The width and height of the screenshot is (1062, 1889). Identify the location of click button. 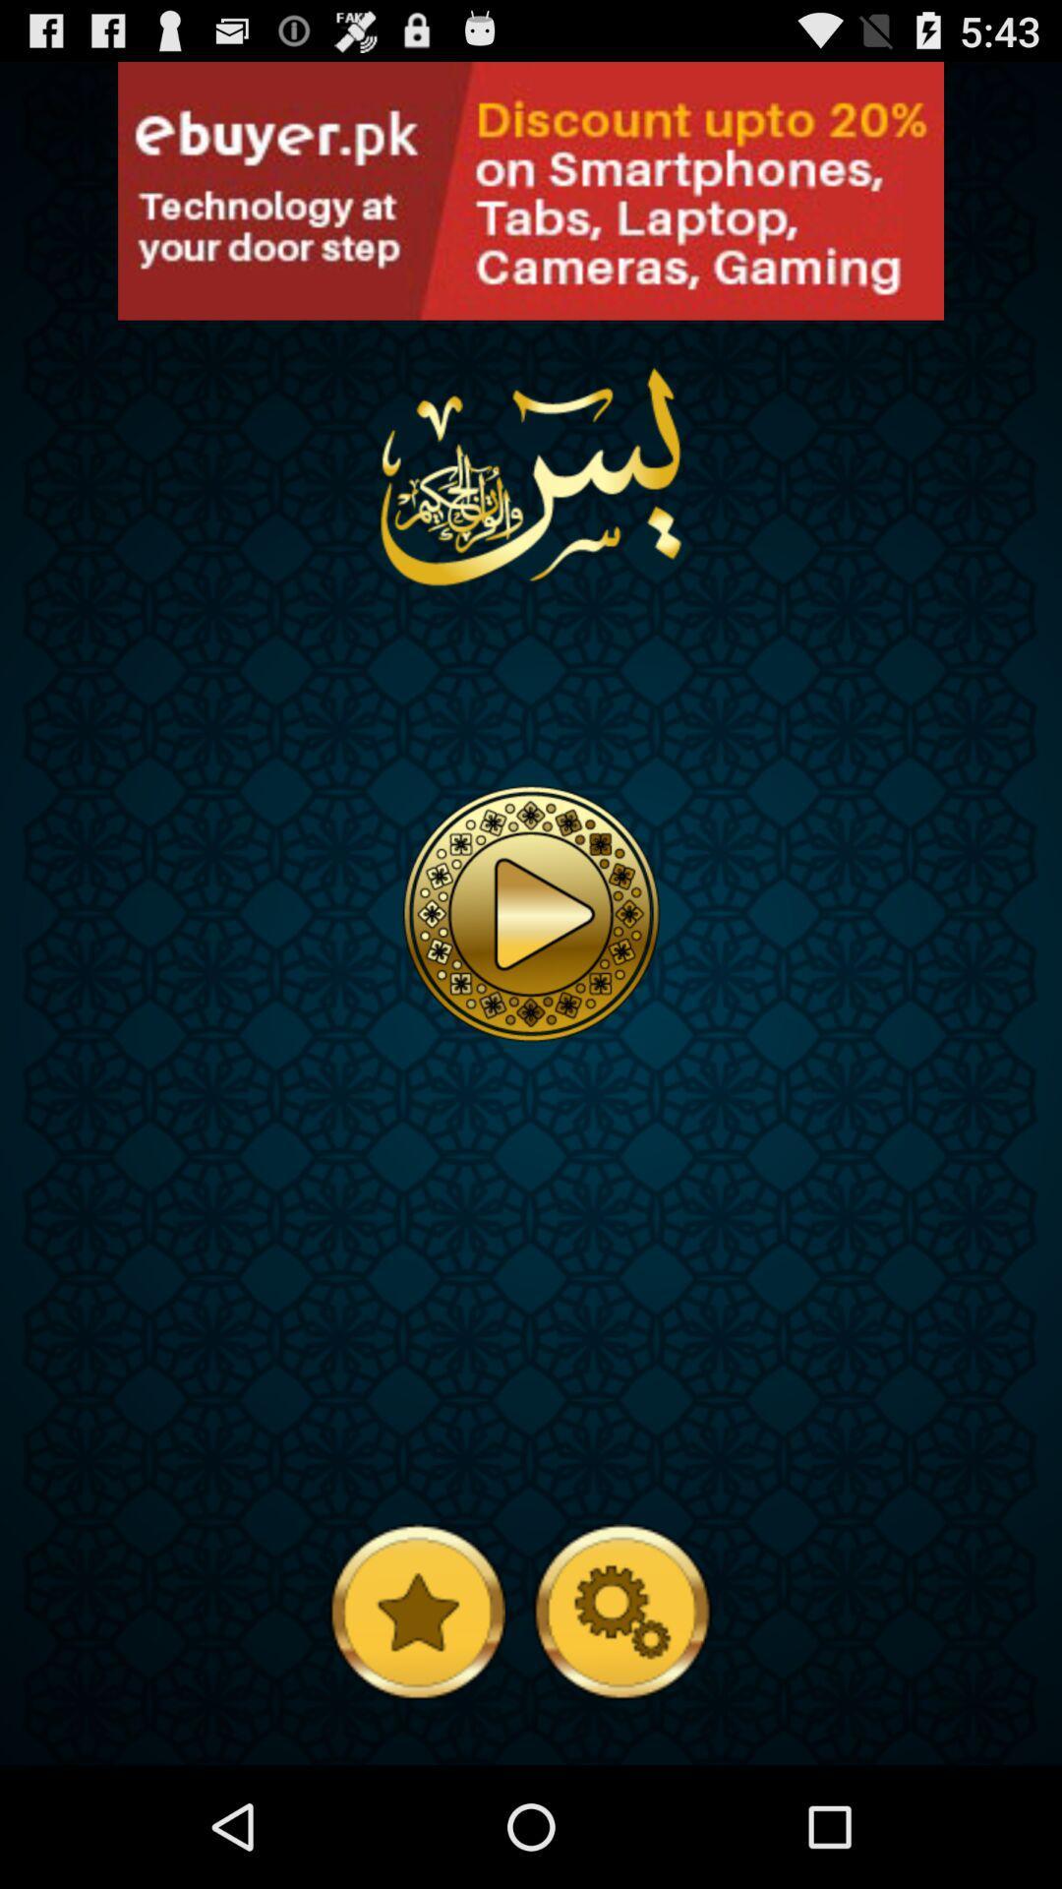
(136, 299).